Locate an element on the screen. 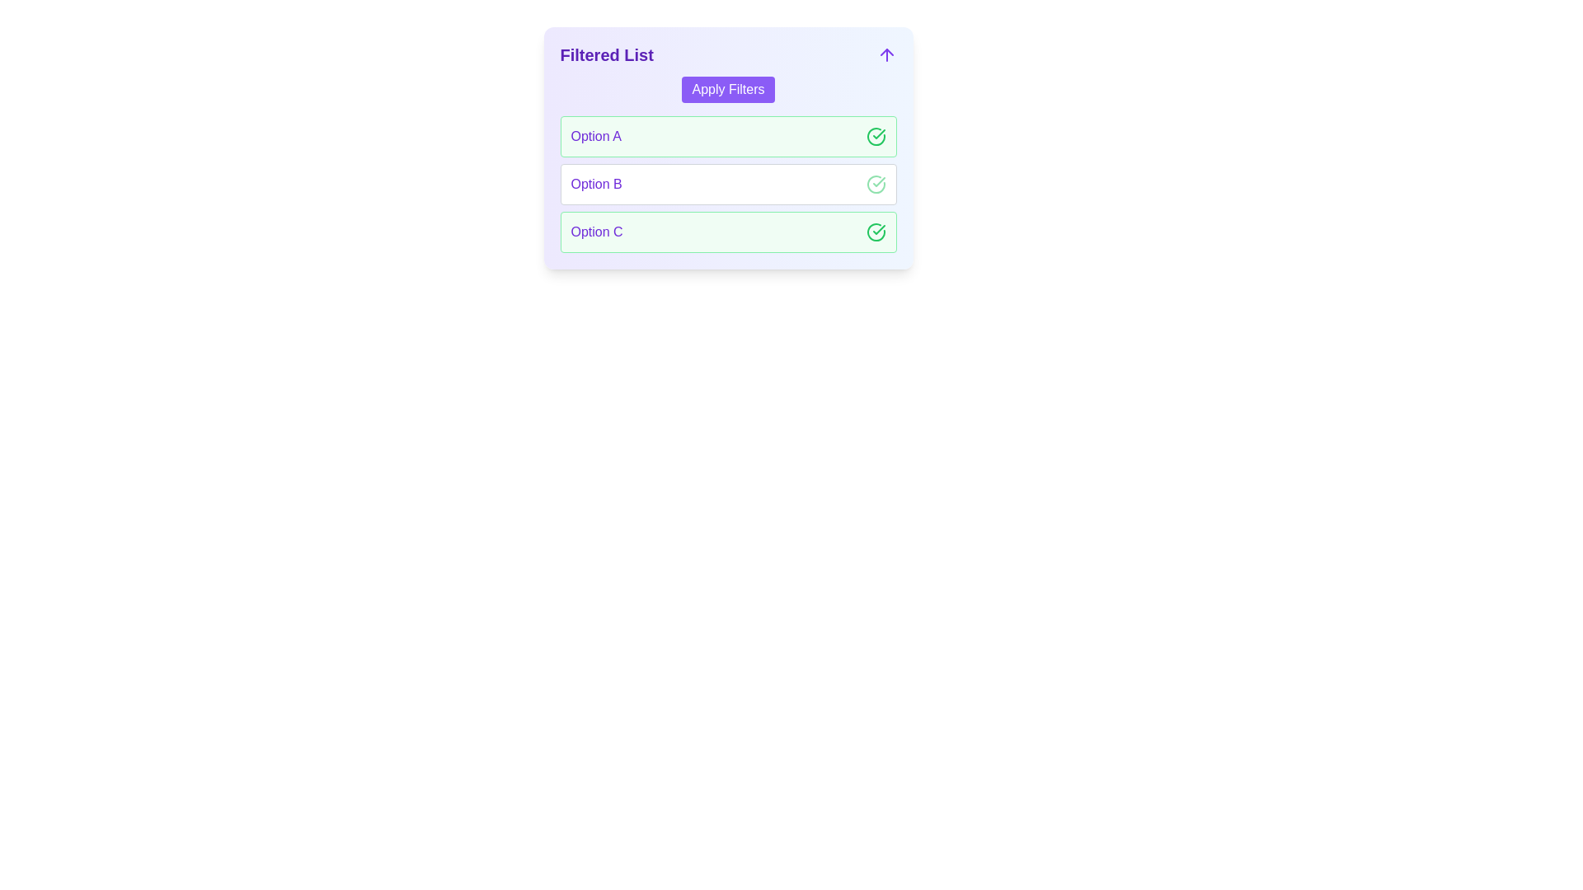  the 'Apply Filters' button to apply the current filters is located at coordinates (727, 89).